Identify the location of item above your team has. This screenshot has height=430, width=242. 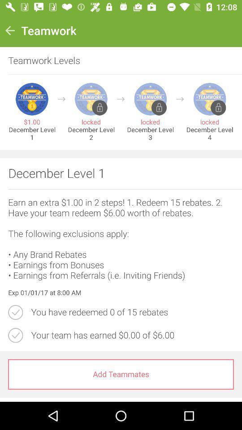
(132, 312).